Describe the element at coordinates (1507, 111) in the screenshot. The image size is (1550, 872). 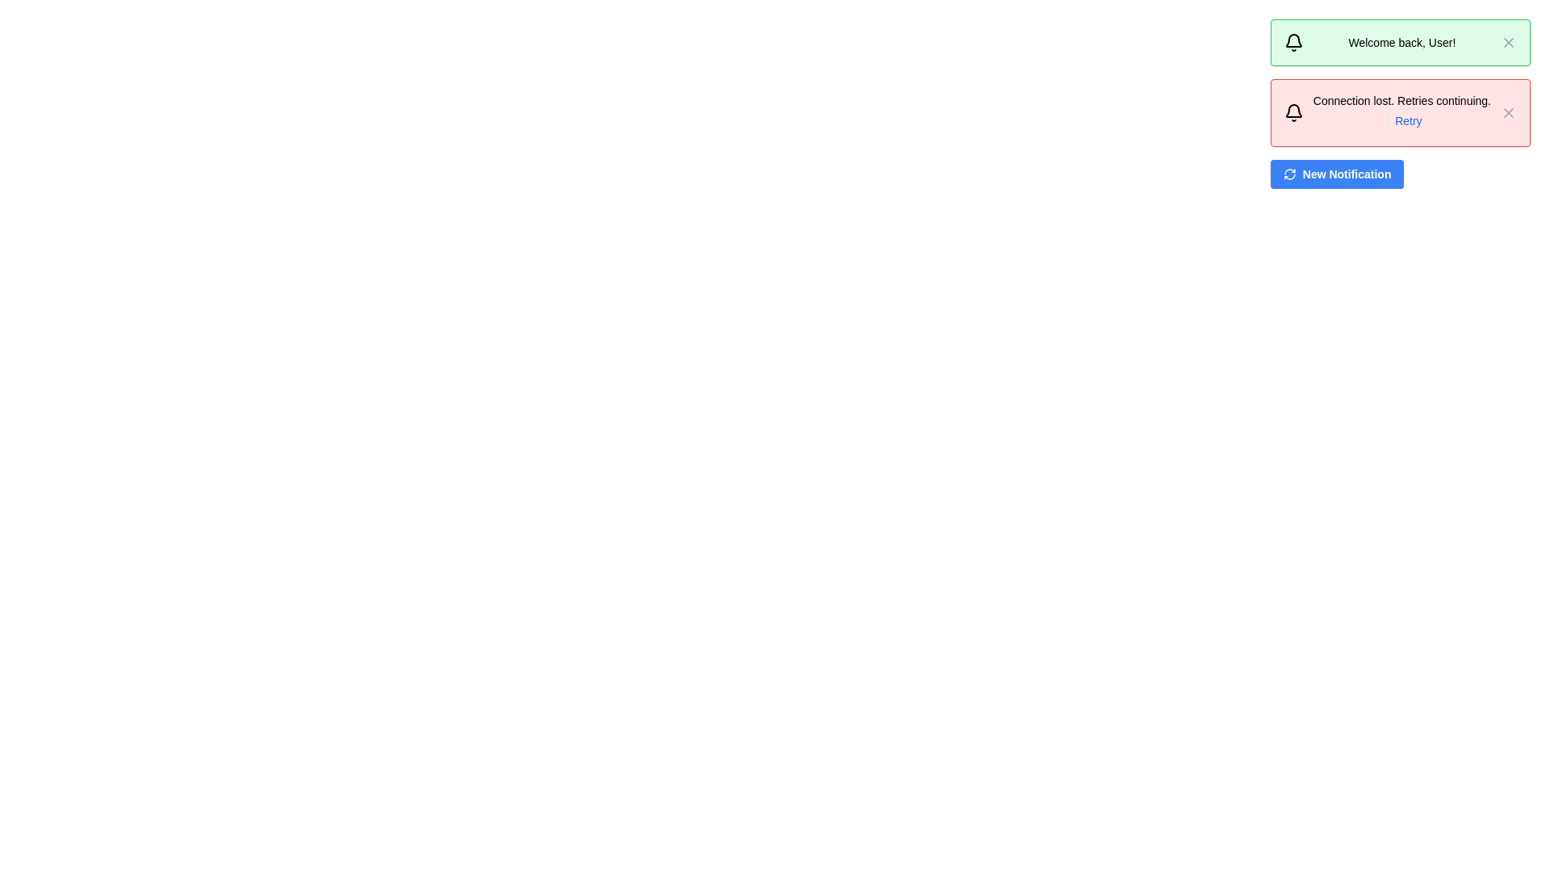
I see `the Close icon, which is a diagonal cross SVG element located at the top-right corner of the green notification banner labeled 'Welcome back, User!'` at that location.